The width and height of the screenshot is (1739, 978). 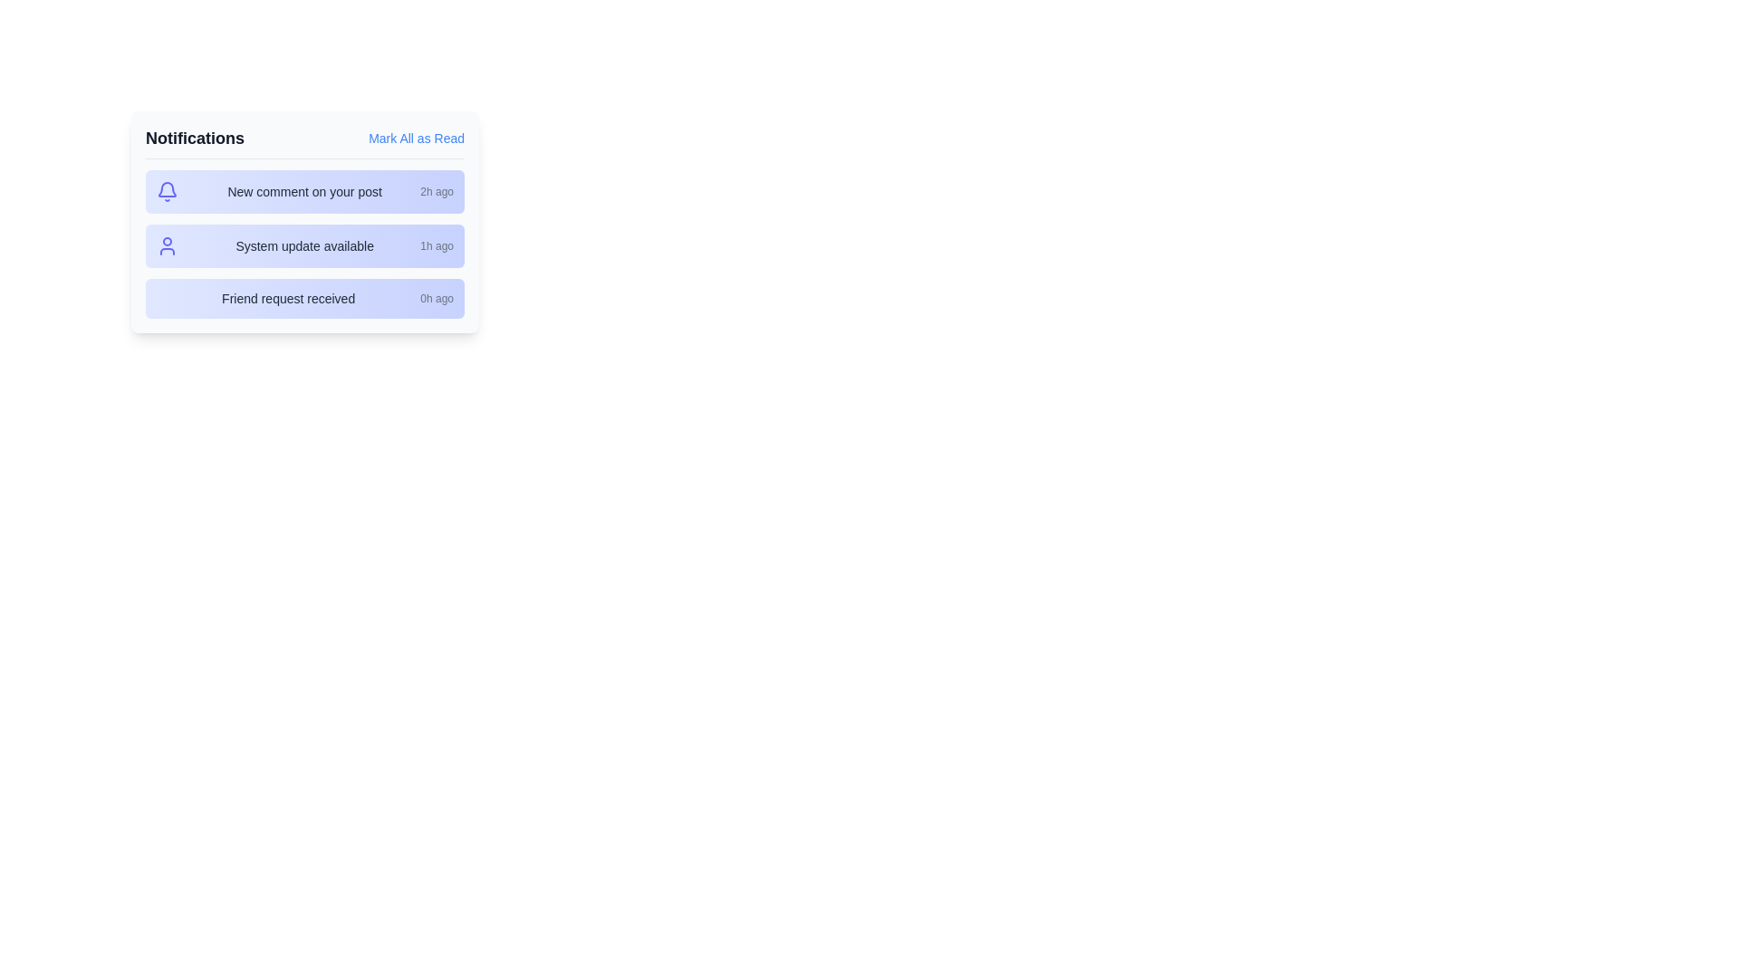 What do you see at coordinates (304, 192) in the screenshot?
I see `the text label 'New comment on your post' located within the first notification card under the 'Notifications' header, which is positioned between a bell icon and a time indicator` at bounding box center [304, 192].